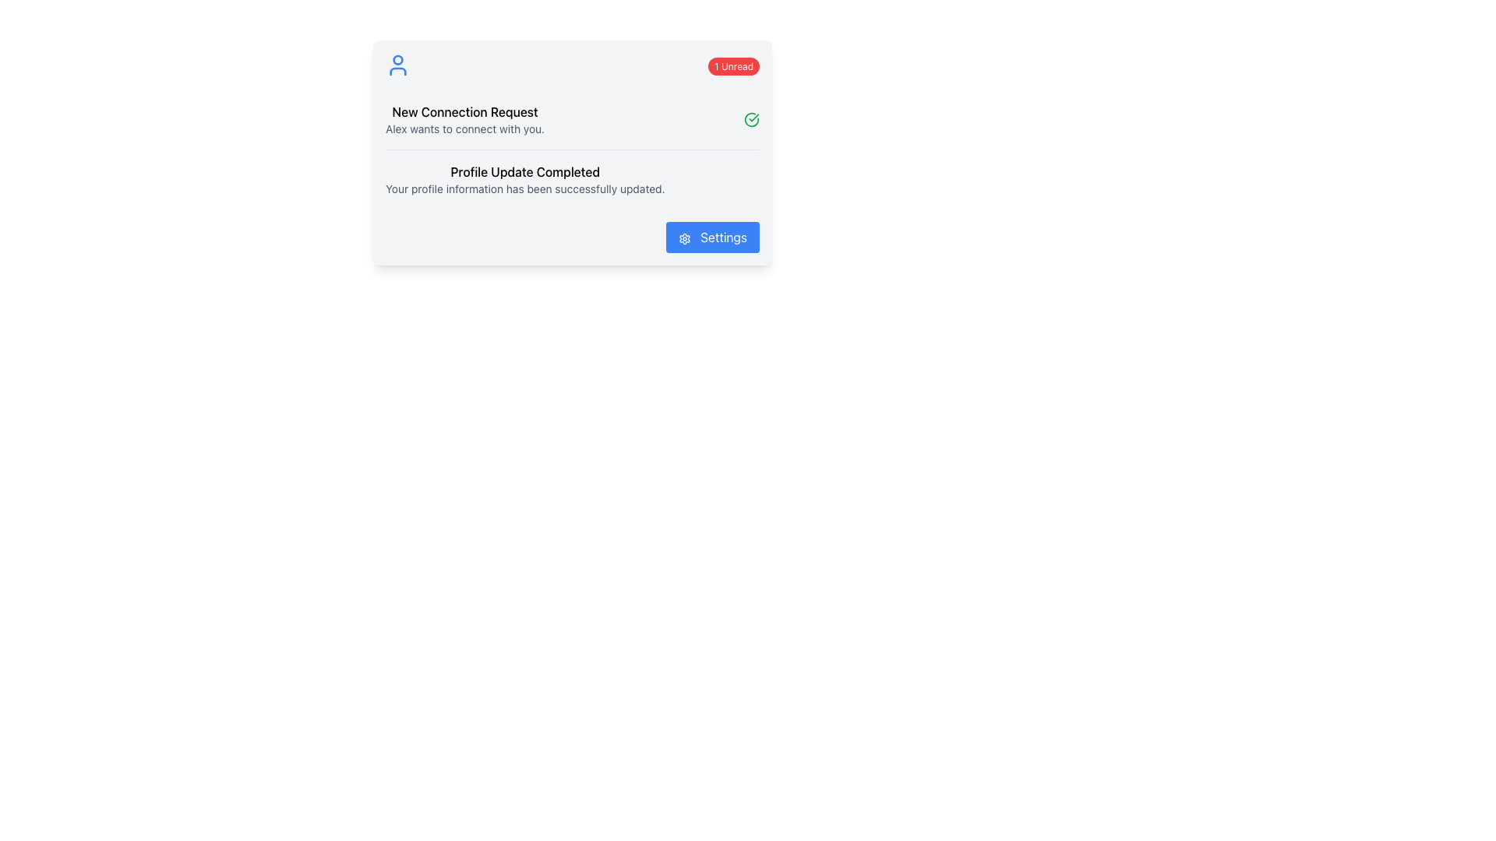  What do you see at coordinates (711, 237) in the screenshot?
I see `the 'Settings' button located at the bottom-right of the application, which opens the settings section when clicked` at bounding box center [711, 237].